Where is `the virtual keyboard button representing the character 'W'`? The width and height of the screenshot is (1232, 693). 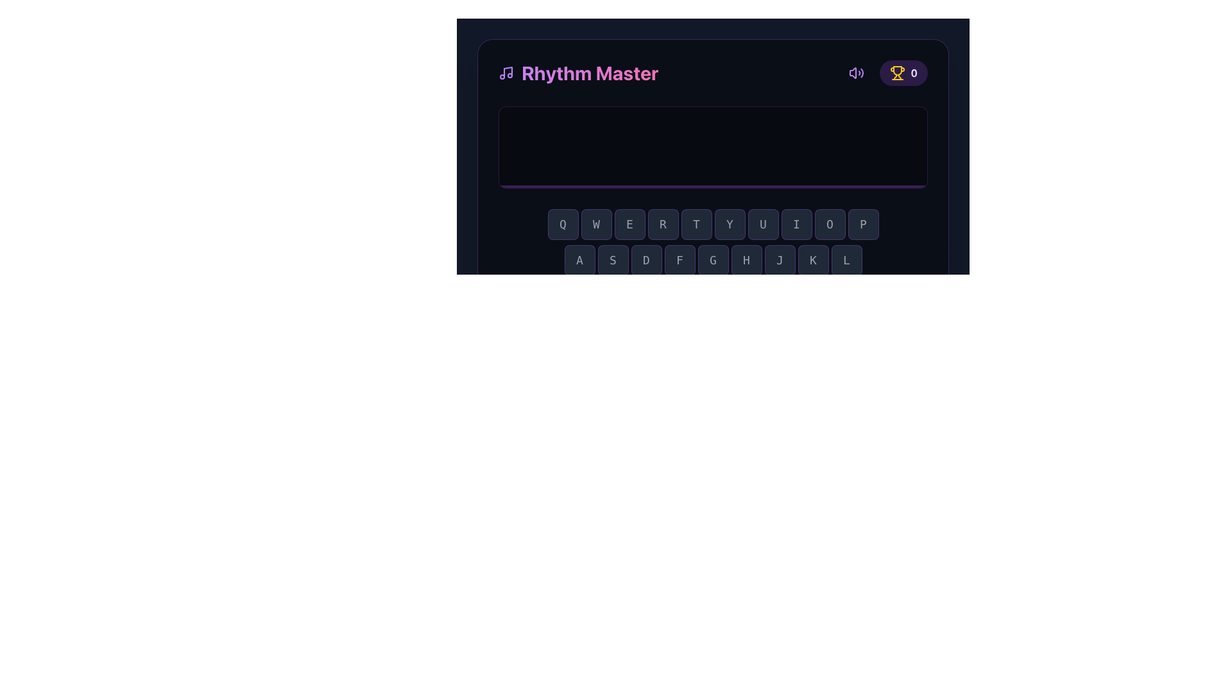
the virtual keyboard button representing the character 'W' is located at coordinates (595, 224).